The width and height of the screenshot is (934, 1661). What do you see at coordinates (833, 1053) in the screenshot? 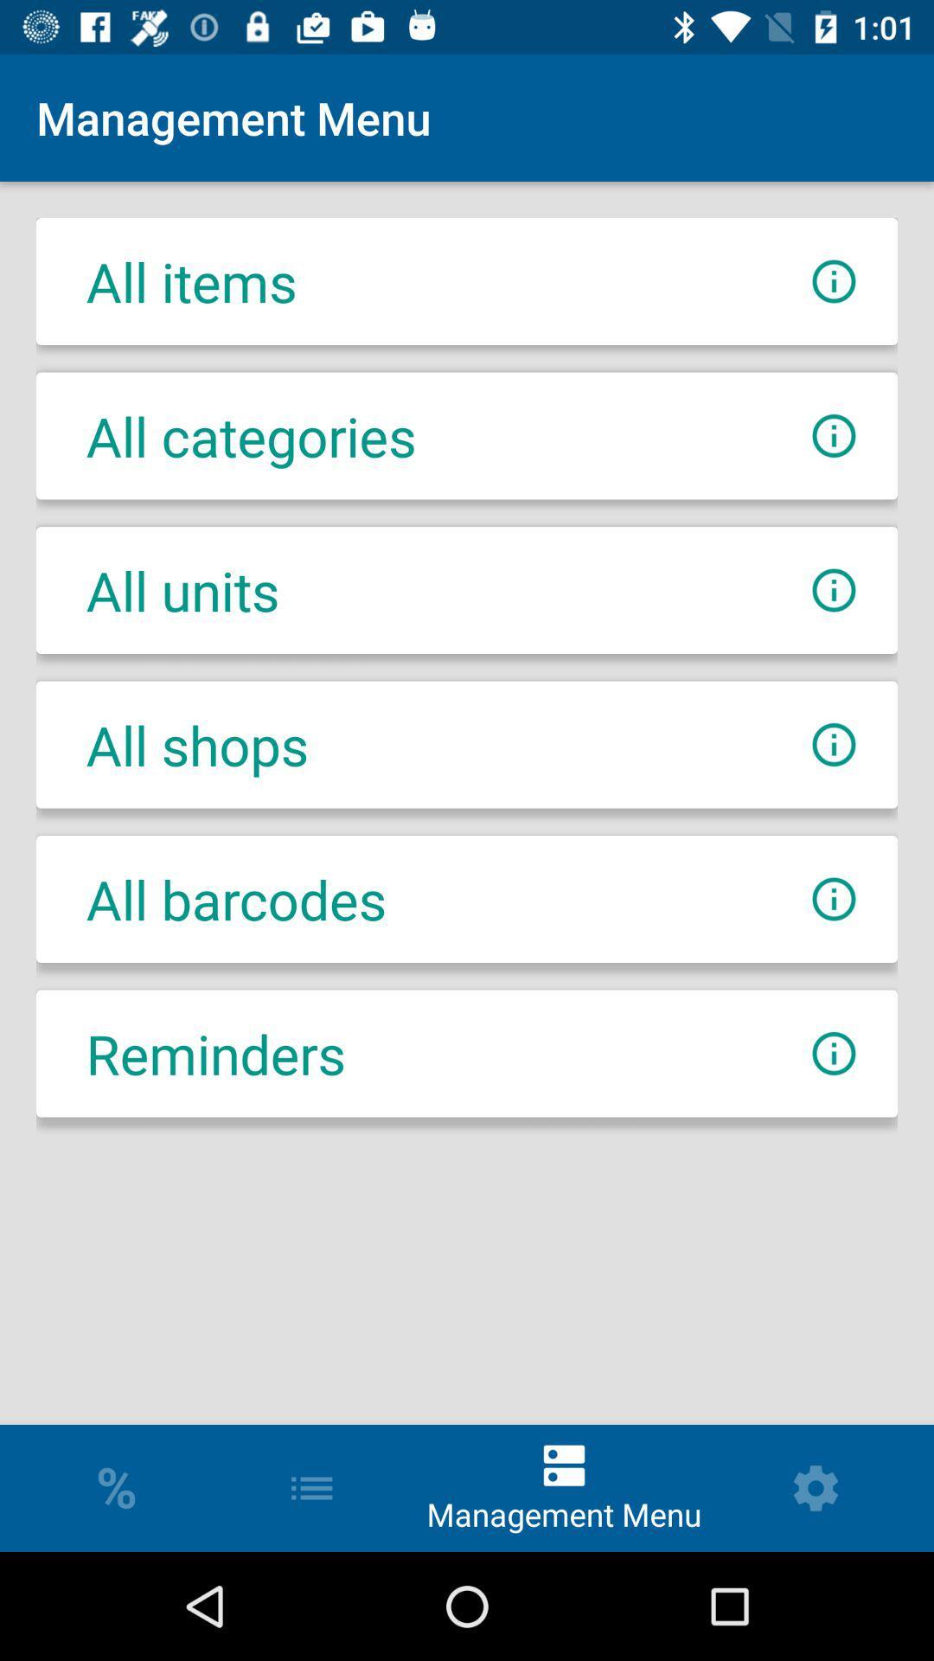
I see `more information` at bounding box center [833, 1053].